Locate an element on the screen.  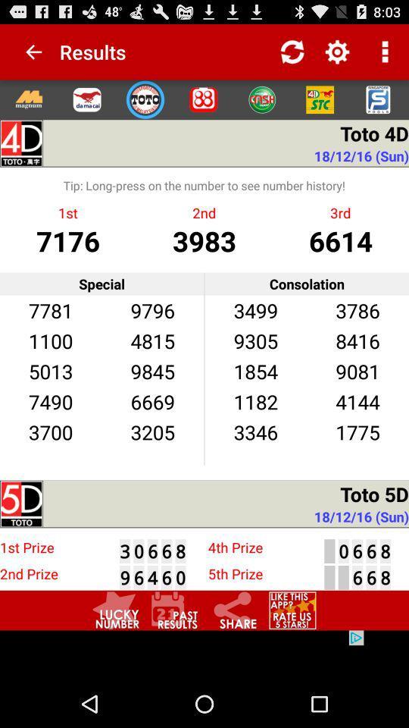
item above the 1775 item is located at coordinates (357, 400).